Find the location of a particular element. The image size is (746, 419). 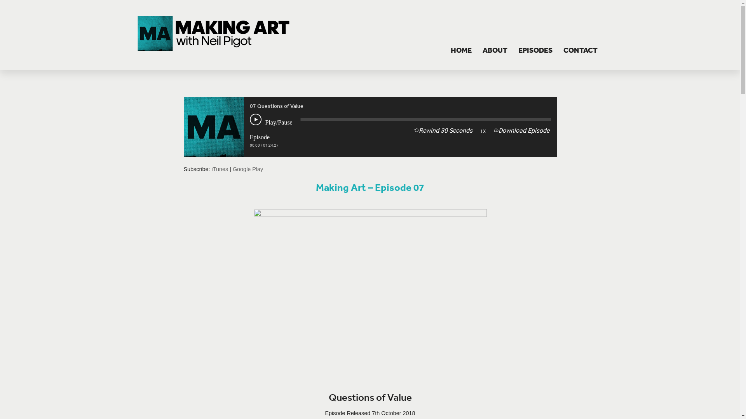

'ABOUT' is located at coordinates (494, 50).